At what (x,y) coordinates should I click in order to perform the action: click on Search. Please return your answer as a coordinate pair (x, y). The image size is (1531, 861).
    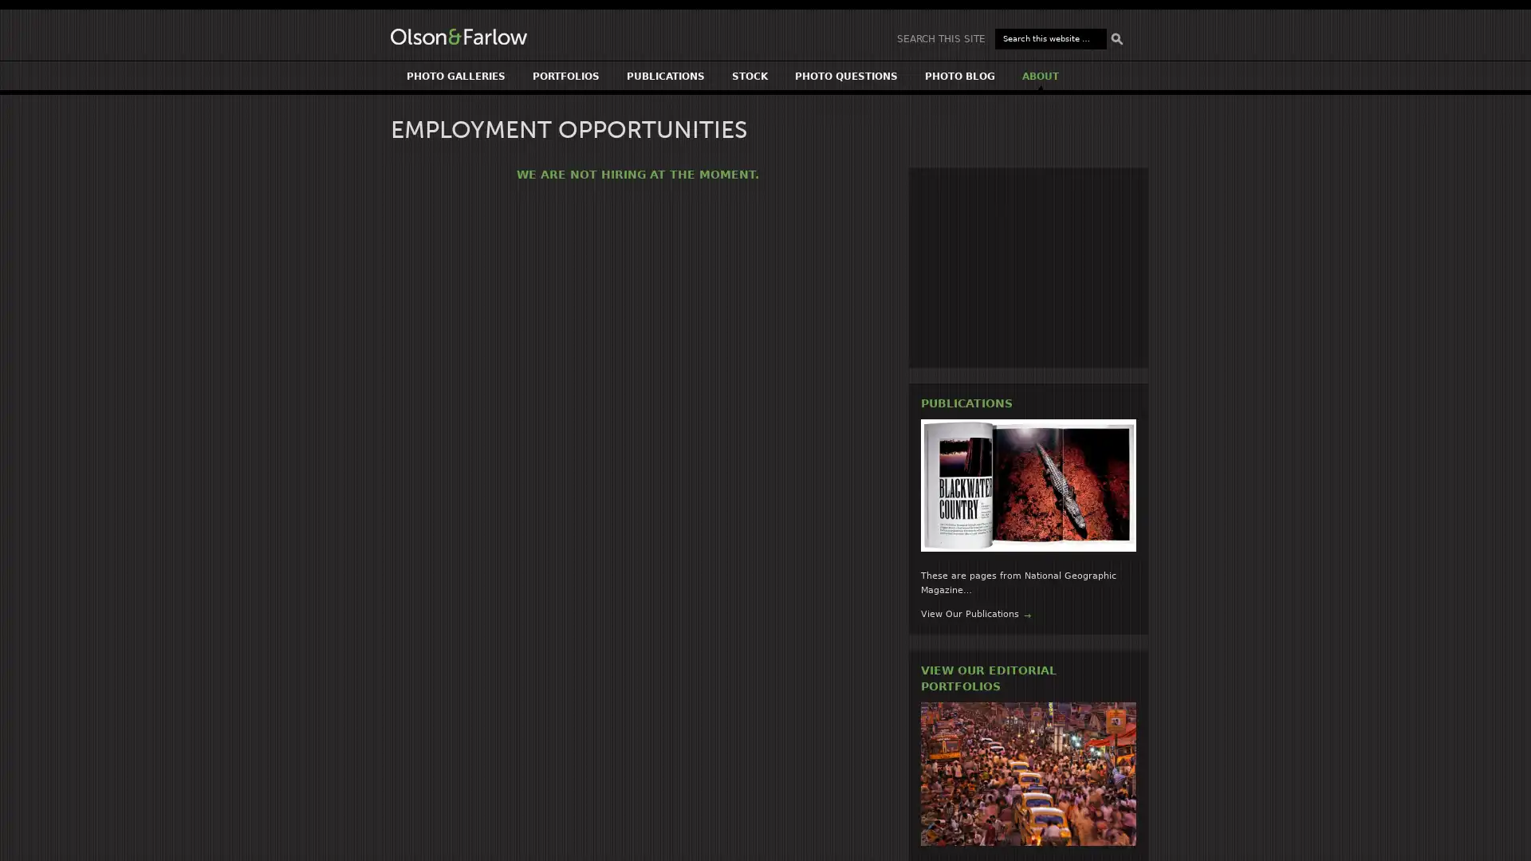
    Looking at the image, I should click on (1116, 38).